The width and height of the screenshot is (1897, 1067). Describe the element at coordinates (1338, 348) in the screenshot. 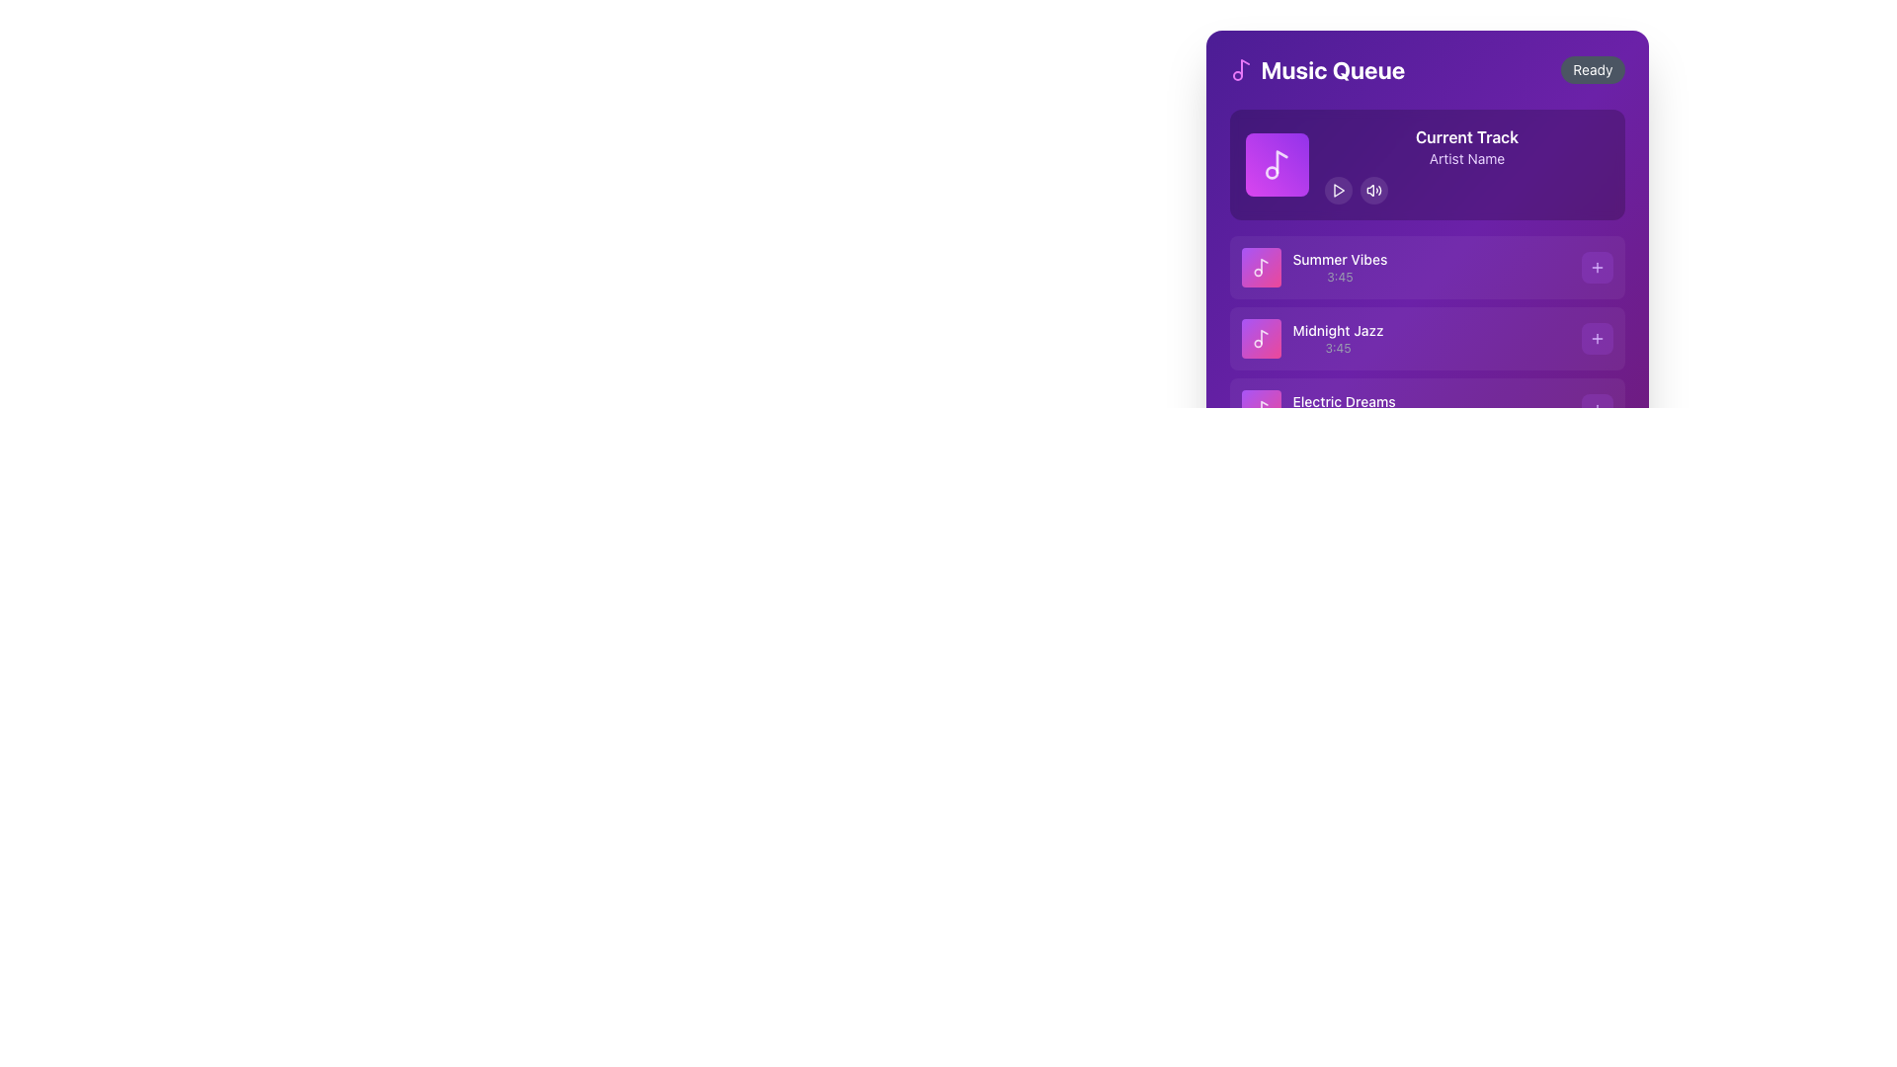

I see `the text label displaying the duration of the track 'Midnight Jazz', which is located beneath the title in the 'Music Queue' section` at that location.